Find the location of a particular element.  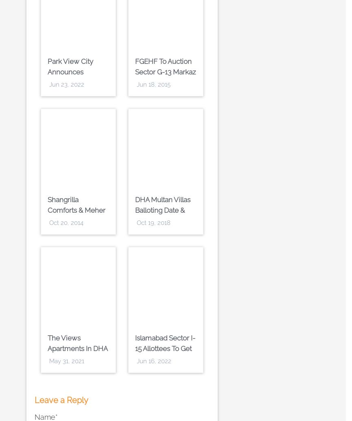

'The Views Apartments in DHA Phase 8 Karachi by Emaar Pakistan' is located at coordinates (77, 353).